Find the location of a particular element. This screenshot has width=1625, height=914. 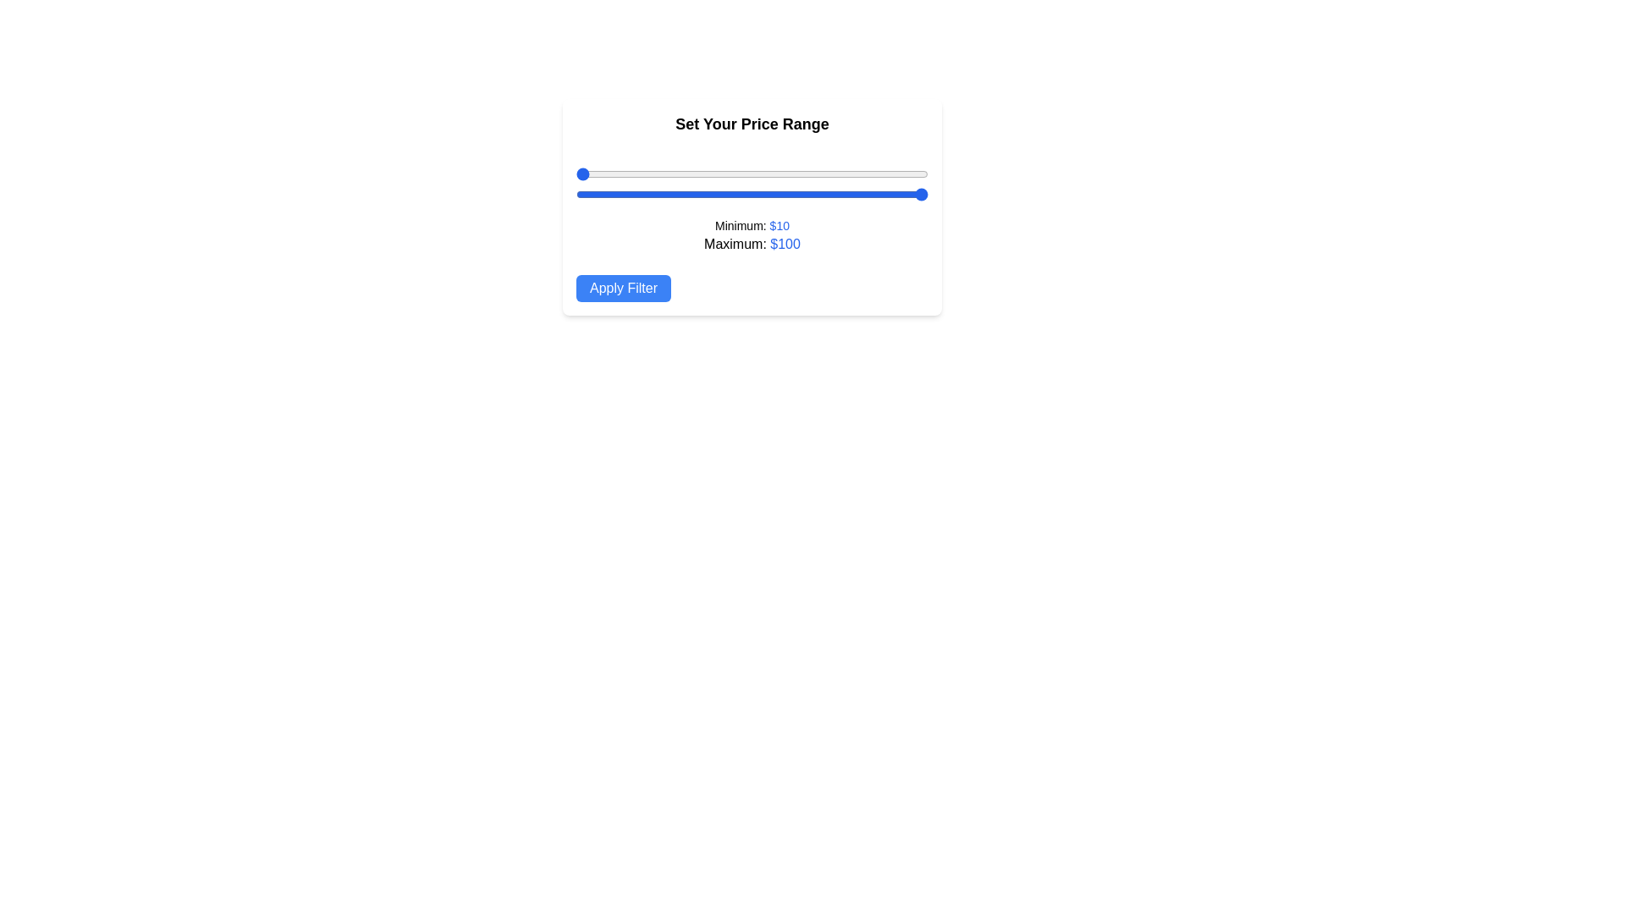

the slider is located at coordinates (669, 194).